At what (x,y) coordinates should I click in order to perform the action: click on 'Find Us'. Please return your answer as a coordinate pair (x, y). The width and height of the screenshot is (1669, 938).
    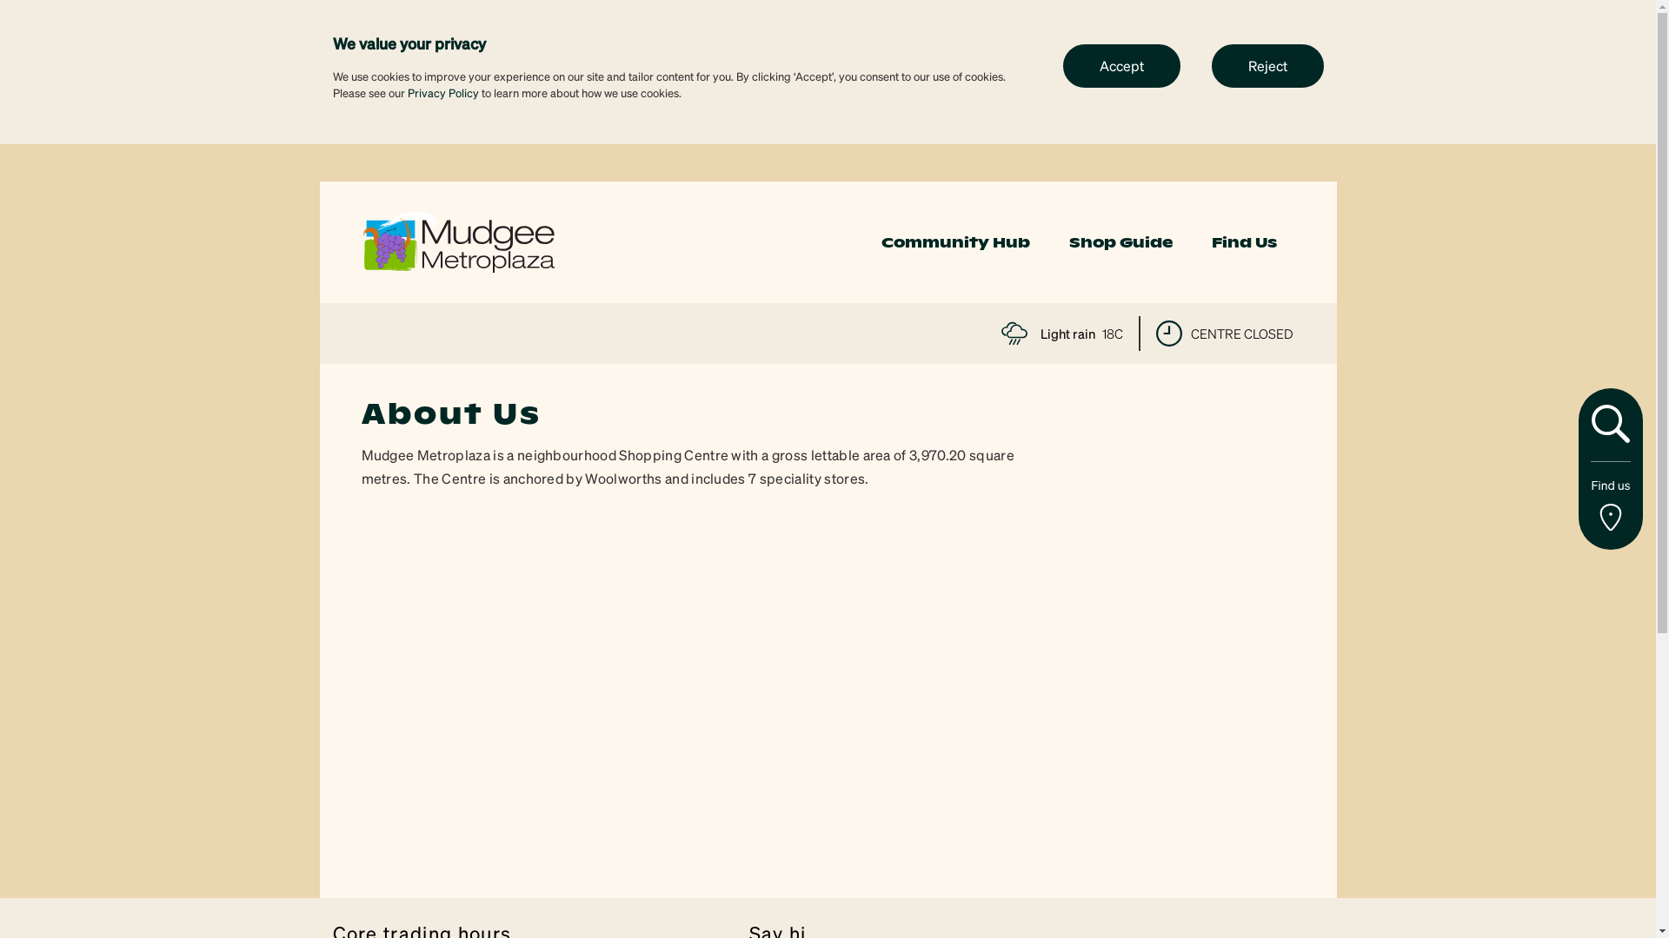
    Looking at the image, I should click on (1243, 242).